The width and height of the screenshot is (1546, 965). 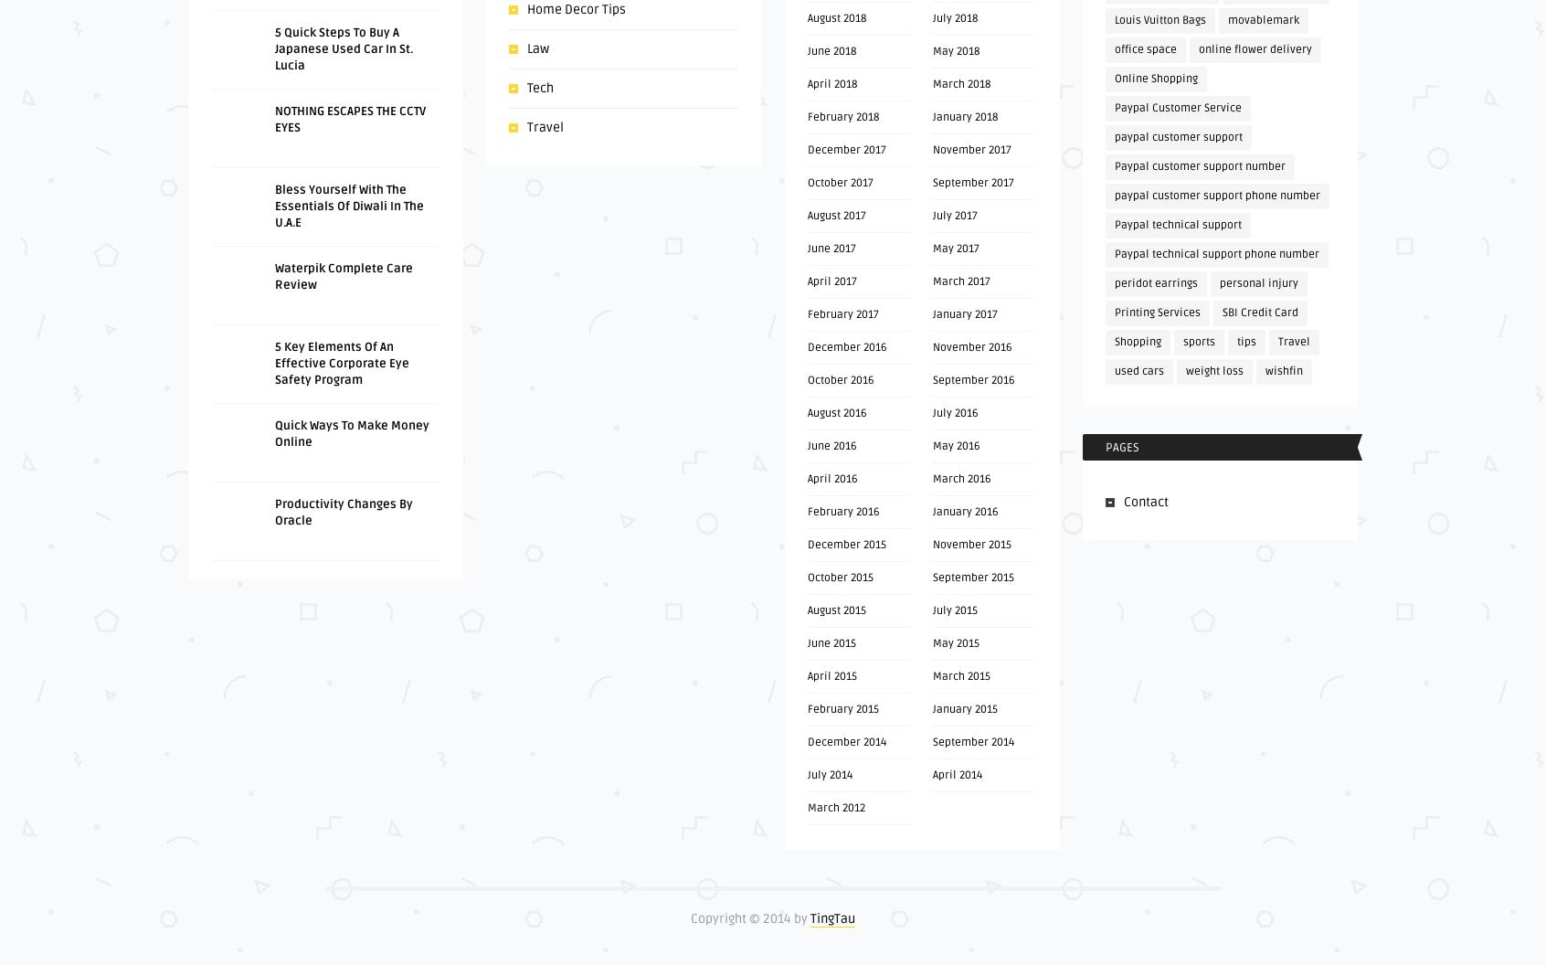 What do you see at coordinates (831, 917) in the screenshot?
I see `'TingTau'` at bounding box center [831, 917].